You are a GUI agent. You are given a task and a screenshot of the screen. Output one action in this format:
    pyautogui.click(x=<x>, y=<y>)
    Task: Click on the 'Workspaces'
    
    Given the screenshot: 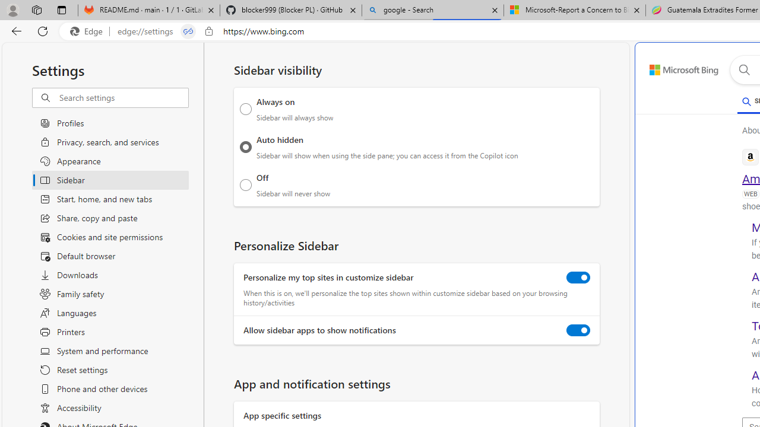 What is the action you would take?
    pyautogui.click(x=36, y=9)
    